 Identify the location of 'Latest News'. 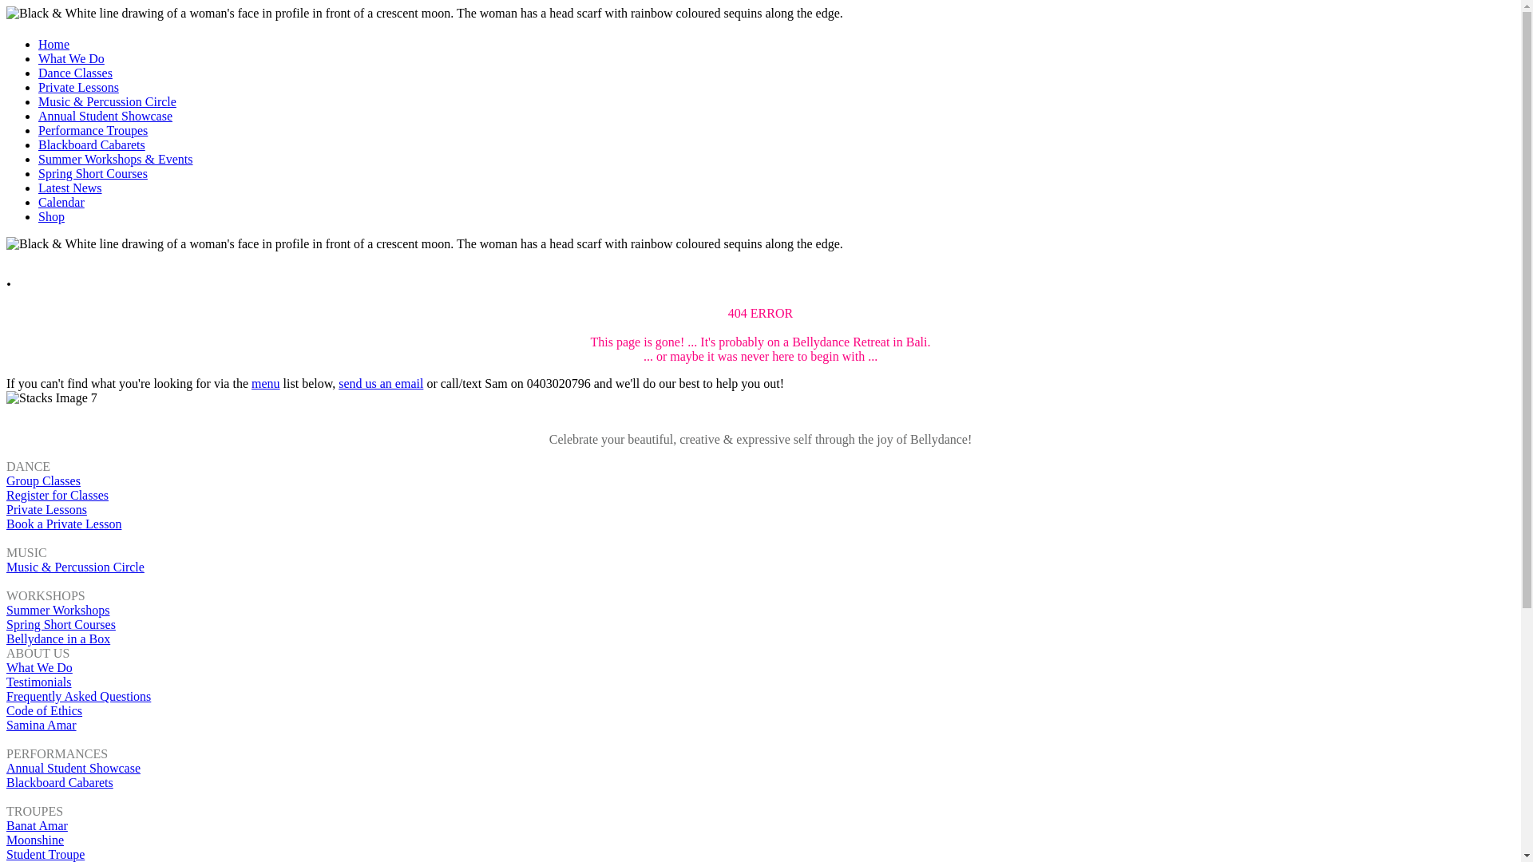
(69, 187).